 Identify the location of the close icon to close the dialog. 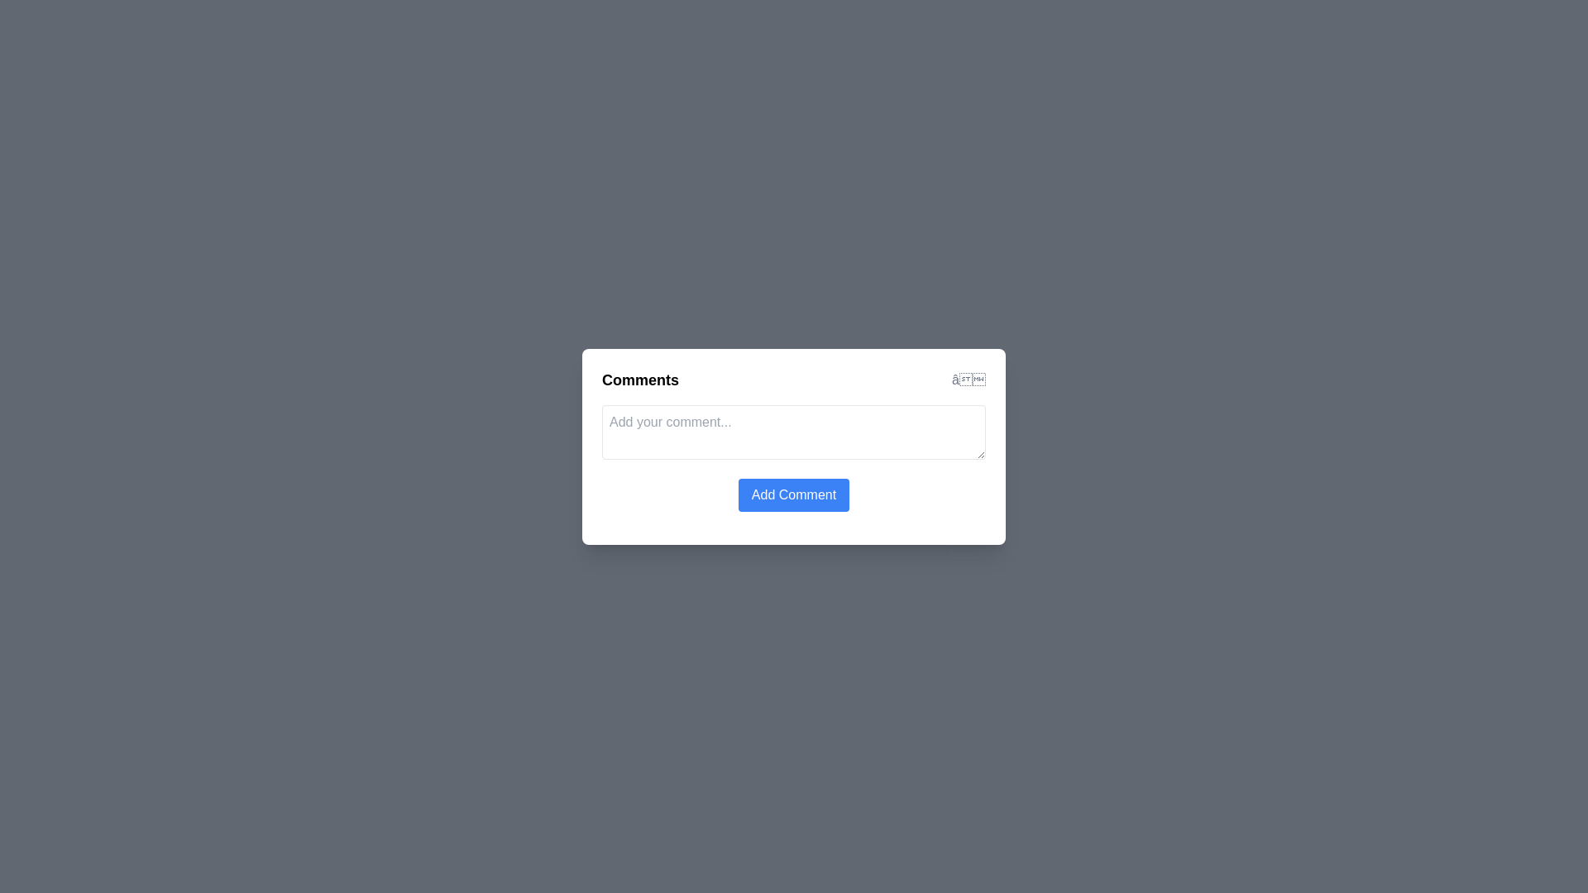
(969, 380).